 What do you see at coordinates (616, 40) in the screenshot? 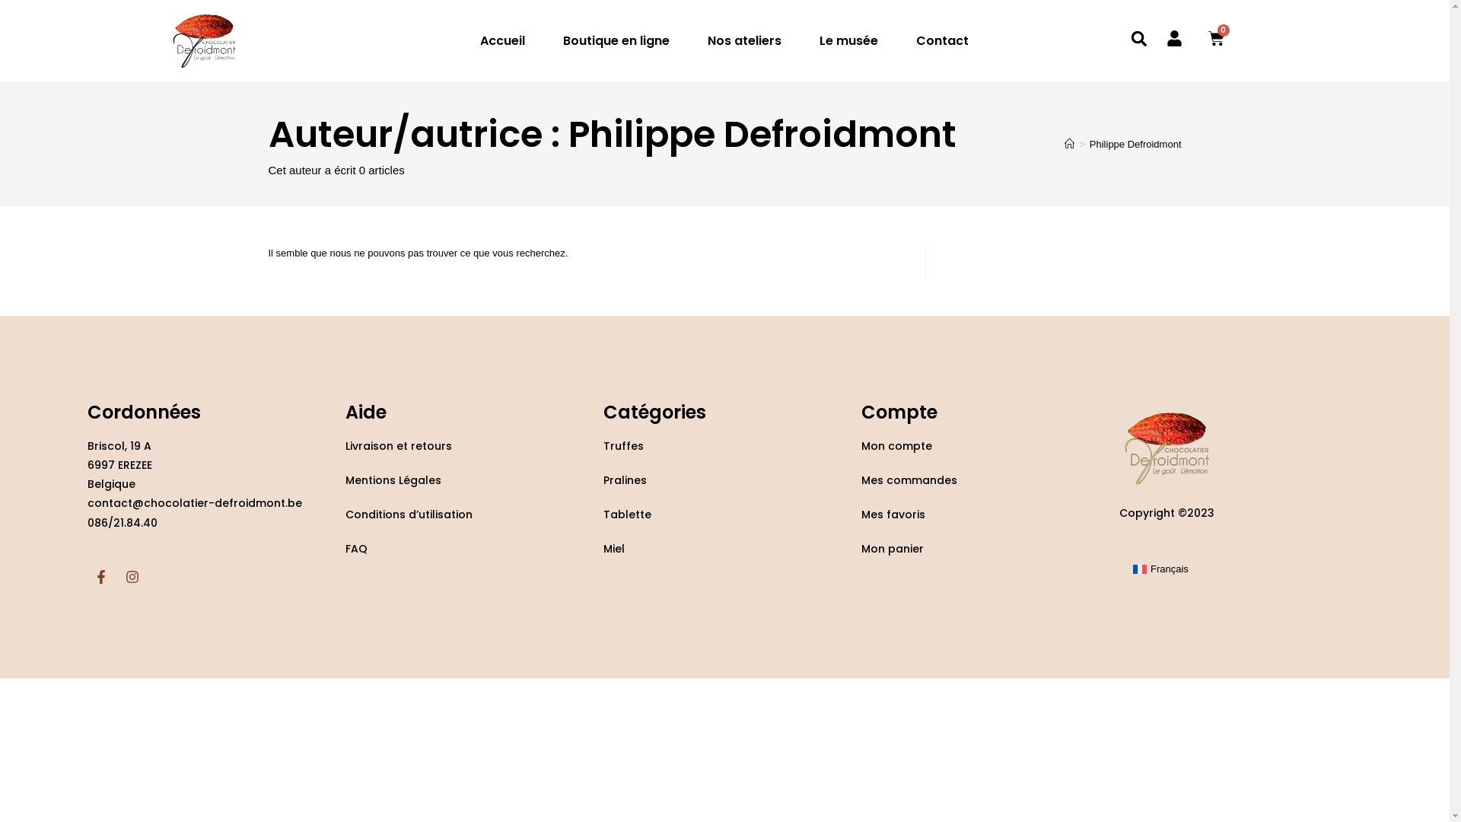
I see `'Boutique en ligne'` at bounding box center [616, 40].